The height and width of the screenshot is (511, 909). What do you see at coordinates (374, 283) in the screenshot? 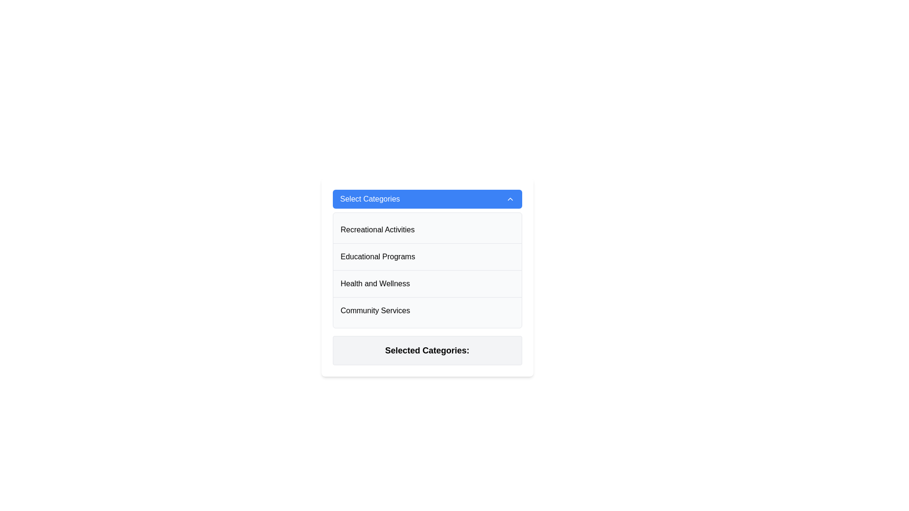
I see `the text 'Health and Wellness' within the dropdown list for interaction feedback` at bounding box center [374, 283].